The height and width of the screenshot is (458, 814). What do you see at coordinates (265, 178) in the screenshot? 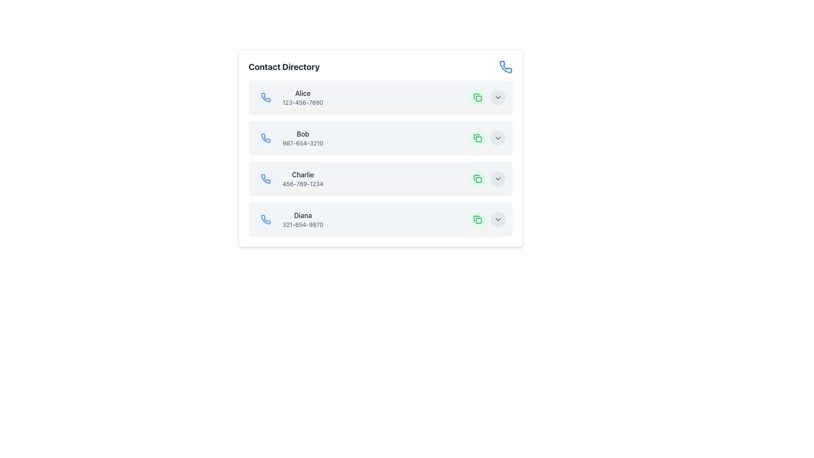
I see `the Icon Button for contact 'Charlie'` at bounding box center [265, 178].